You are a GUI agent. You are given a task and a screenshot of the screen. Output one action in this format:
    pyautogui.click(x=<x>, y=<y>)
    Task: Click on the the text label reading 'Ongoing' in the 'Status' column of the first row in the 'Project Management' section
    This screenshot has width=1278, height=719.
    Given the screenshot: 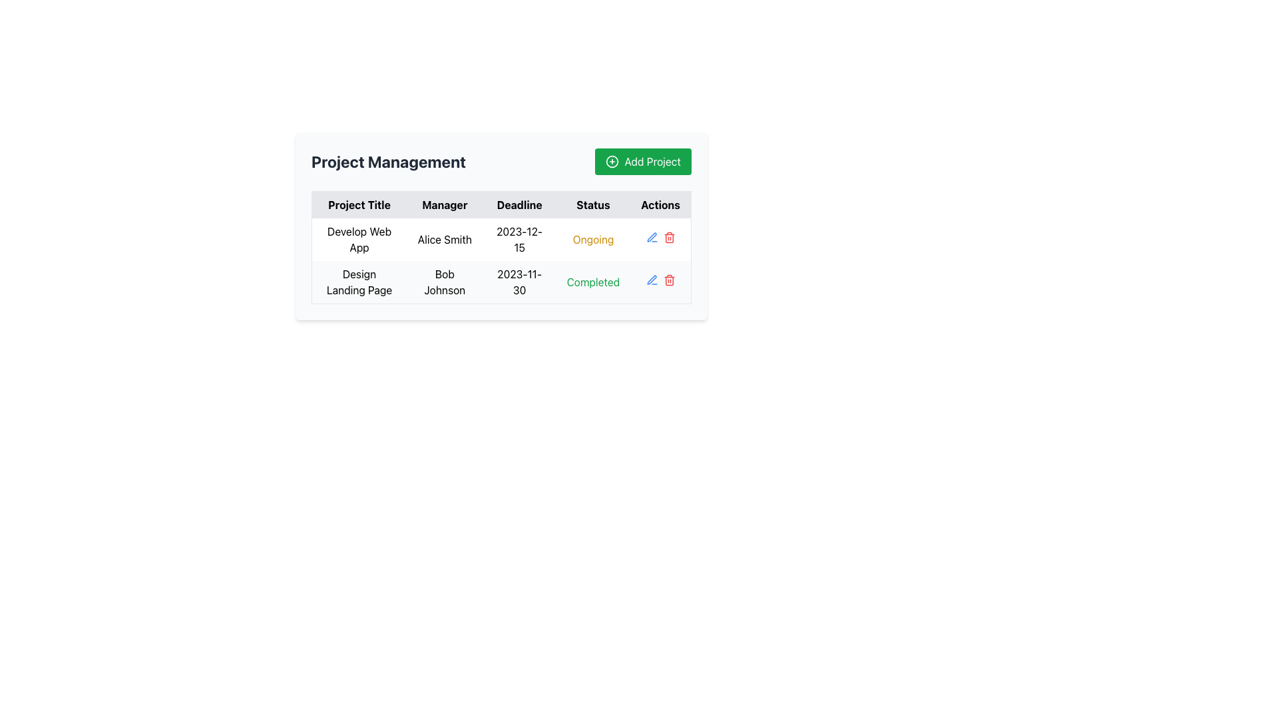 What is the action you would take?
    pyautogui.click(x=592, y=238)
    